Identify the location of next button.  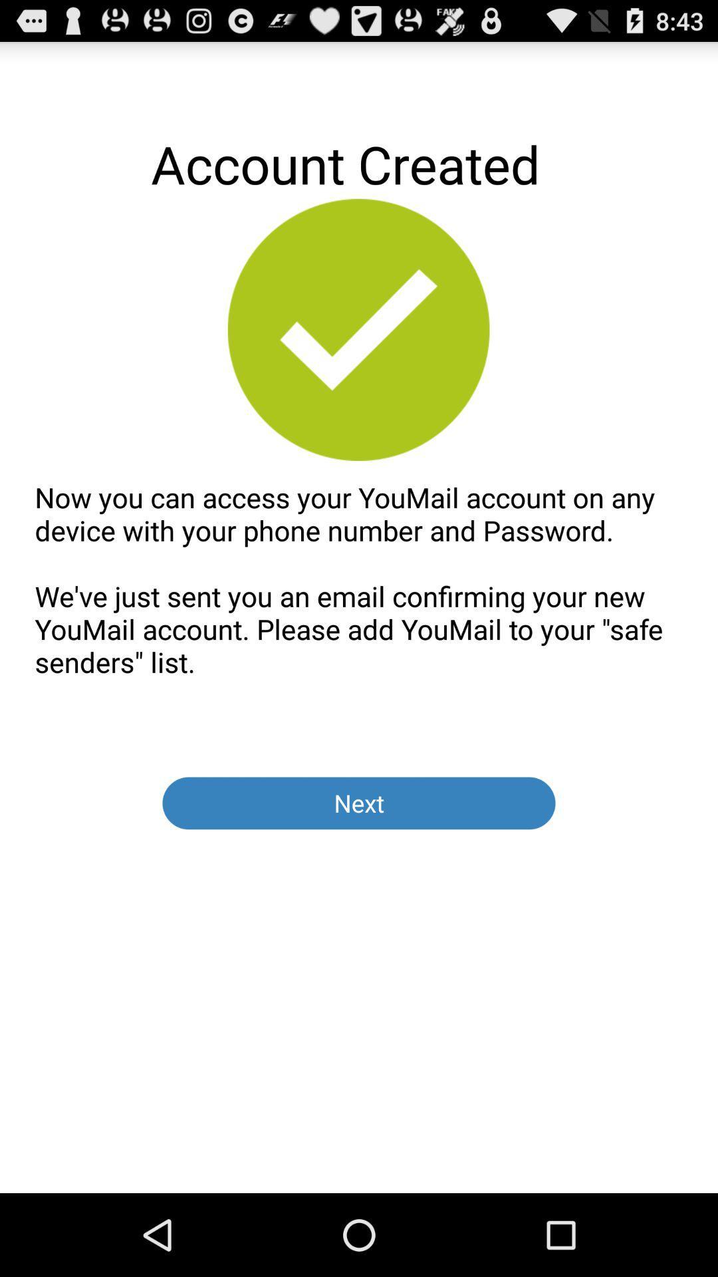
(359, 802).